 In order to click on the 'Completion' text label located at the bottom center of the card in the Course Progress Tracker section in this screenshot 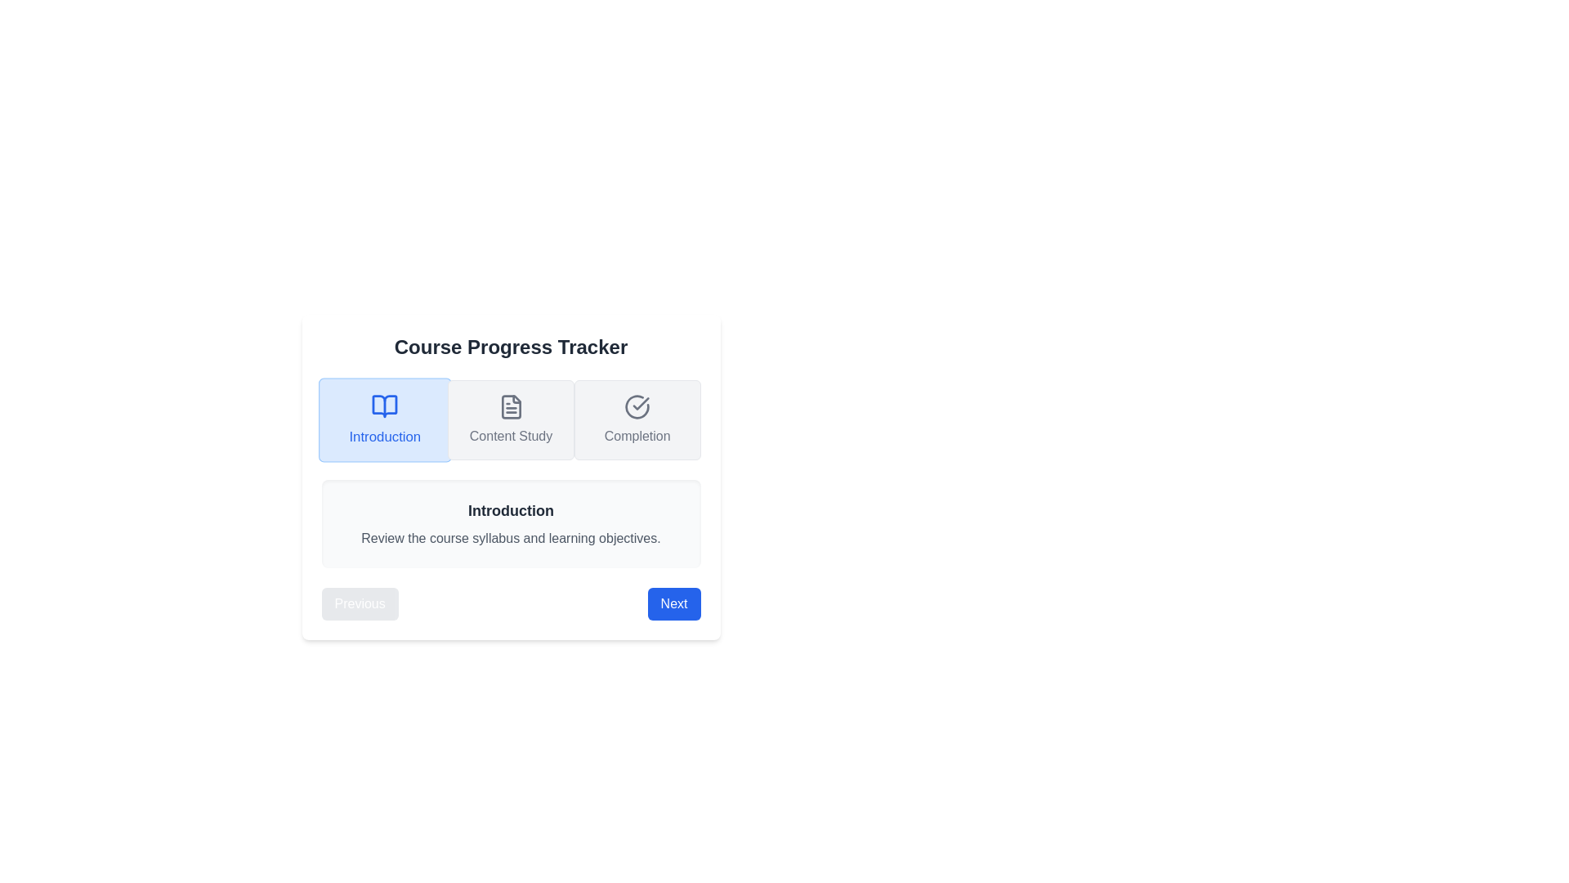, I will do `click(637, 435)`.